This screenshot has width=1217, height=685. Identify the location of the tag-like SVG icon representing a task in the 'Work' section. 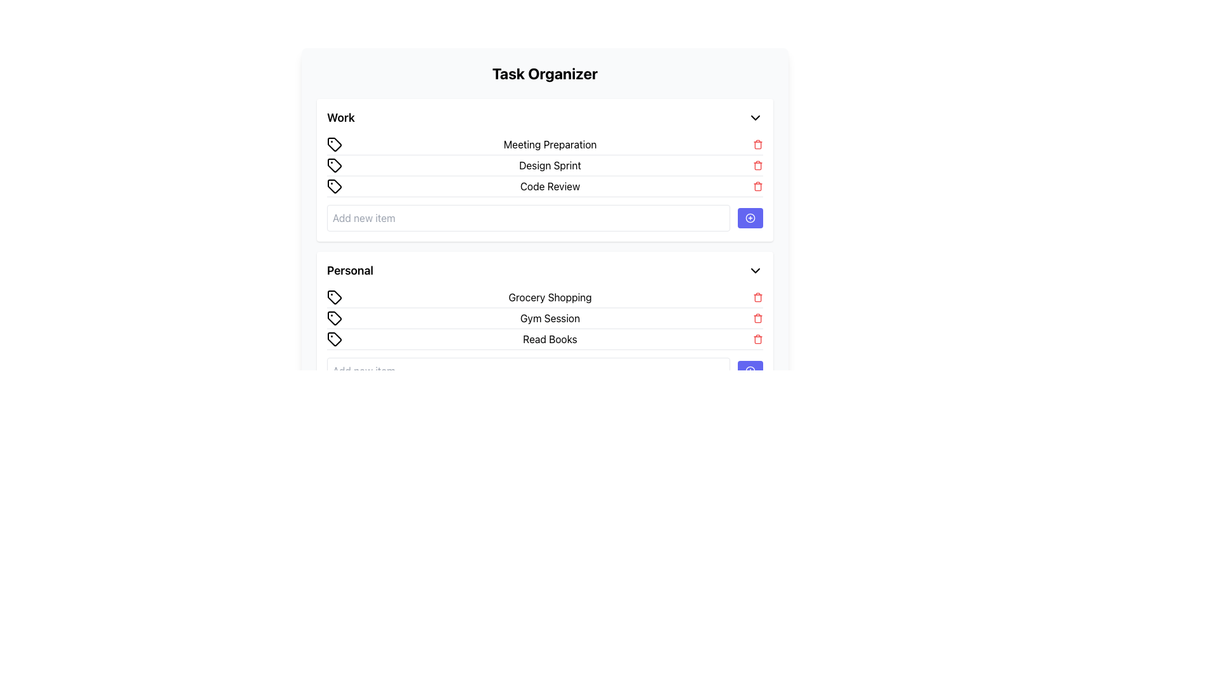
(335, 186).